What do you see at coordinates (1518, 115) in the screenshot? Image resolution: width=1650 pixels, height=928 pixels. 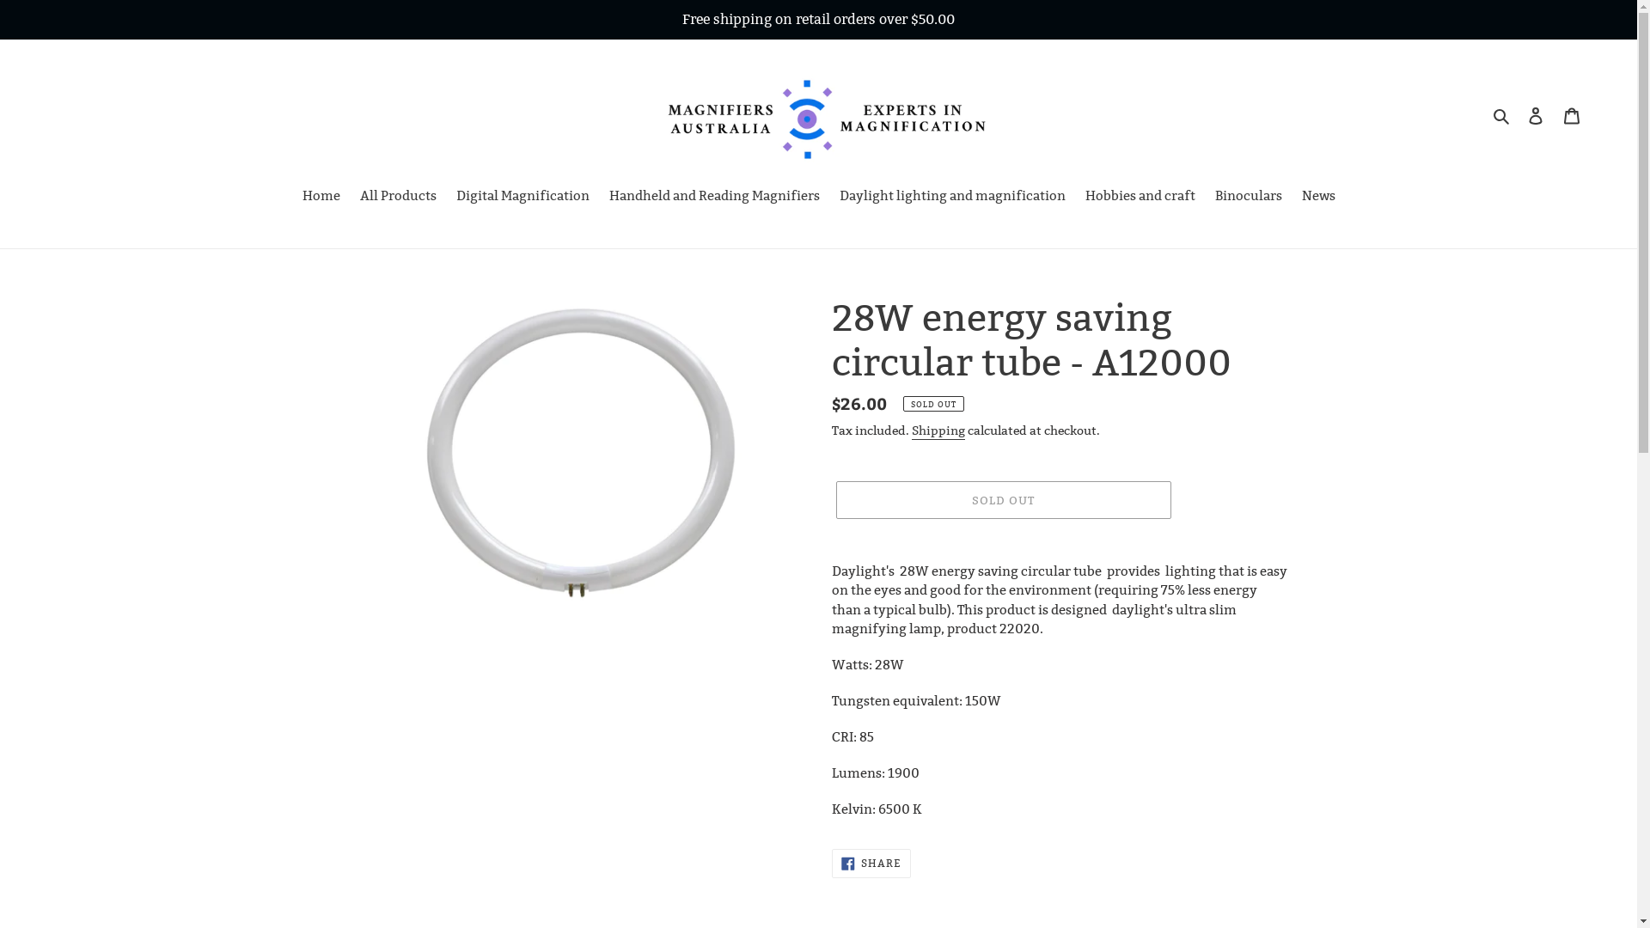 I see `'Log in'` at bounding box center [1518, 115].